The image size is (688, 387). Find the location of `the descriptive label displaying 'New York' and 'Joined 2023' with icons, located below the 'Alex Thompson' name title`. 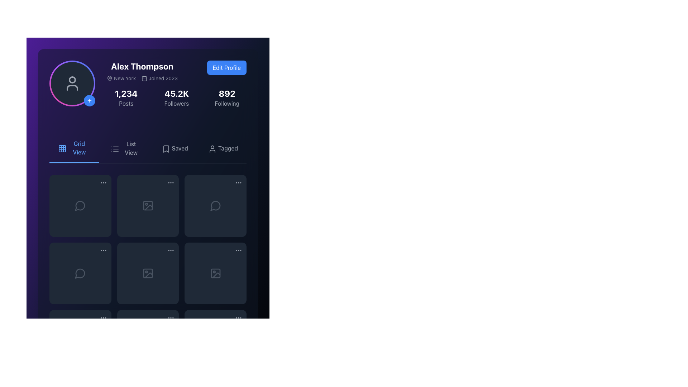

the descriptive label displaying 'New York' and 'Joined 2023' with icons, located below the 'Alex Thompson' name title is located at coordinates (142, 78).